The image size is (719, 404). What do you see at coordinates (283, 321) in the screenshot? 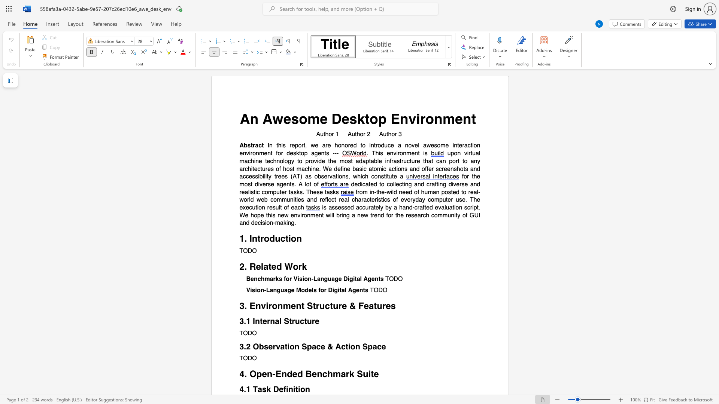
I see `the subset text "Str" within the text "3.1 Internal Structure"` at bounding box center [283, 321].